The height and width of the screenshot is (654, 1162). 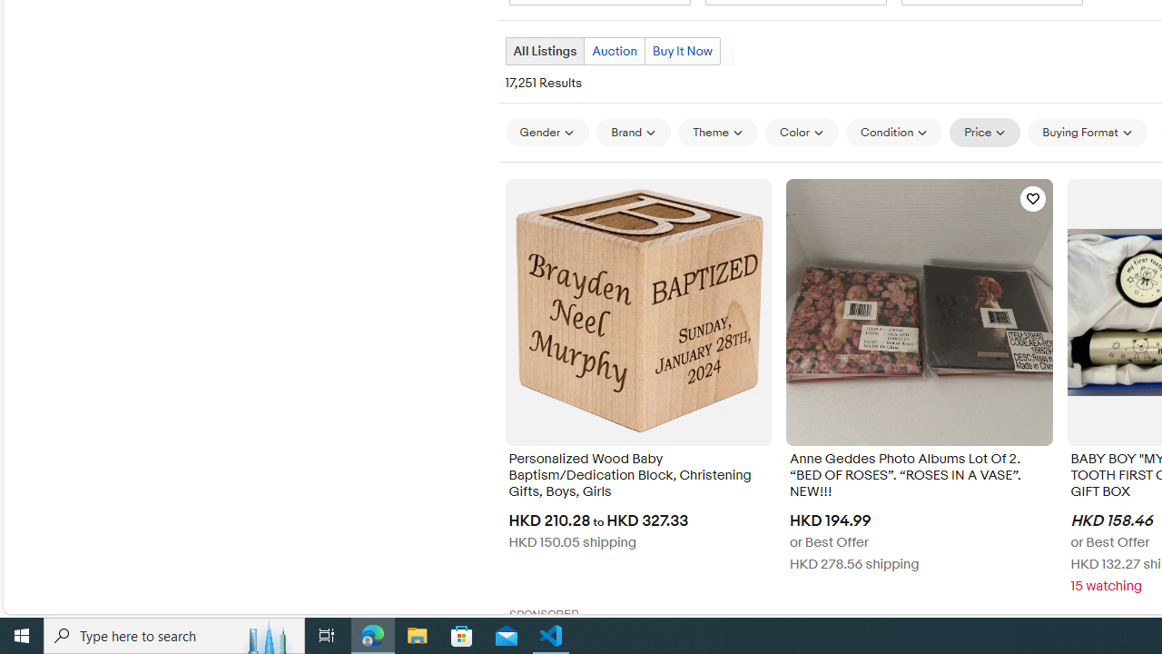 I want to click on 'Color', so click(x=801, y=132).